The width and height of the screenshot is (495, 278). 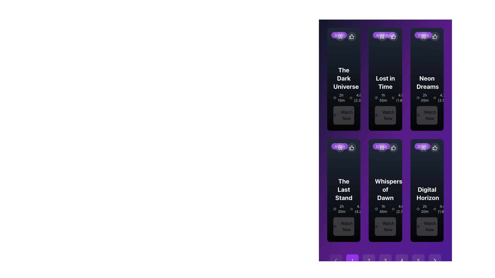 What do you see at coordinates (340, 36) in the screenshot?
I see `the bookmark addition icon button located in the top-left corner of the card labeled 'The Dark Universe' to bookmark the item` at bounding box center [340, 36].